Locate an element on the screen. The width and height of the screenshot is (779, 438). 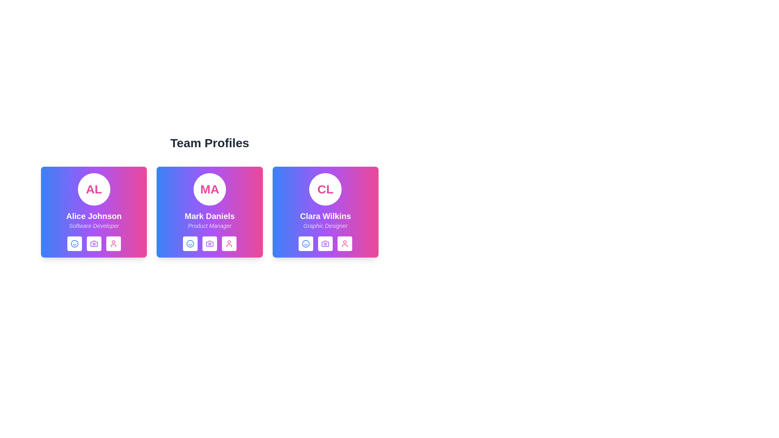
the rounded rectangular button with a white background and pink borders, containing a pink user silhouette icon, located within the 'Mark Daniels - Product Manager' card, specifically the third button in a row of three is located at coordinates (229, 243).